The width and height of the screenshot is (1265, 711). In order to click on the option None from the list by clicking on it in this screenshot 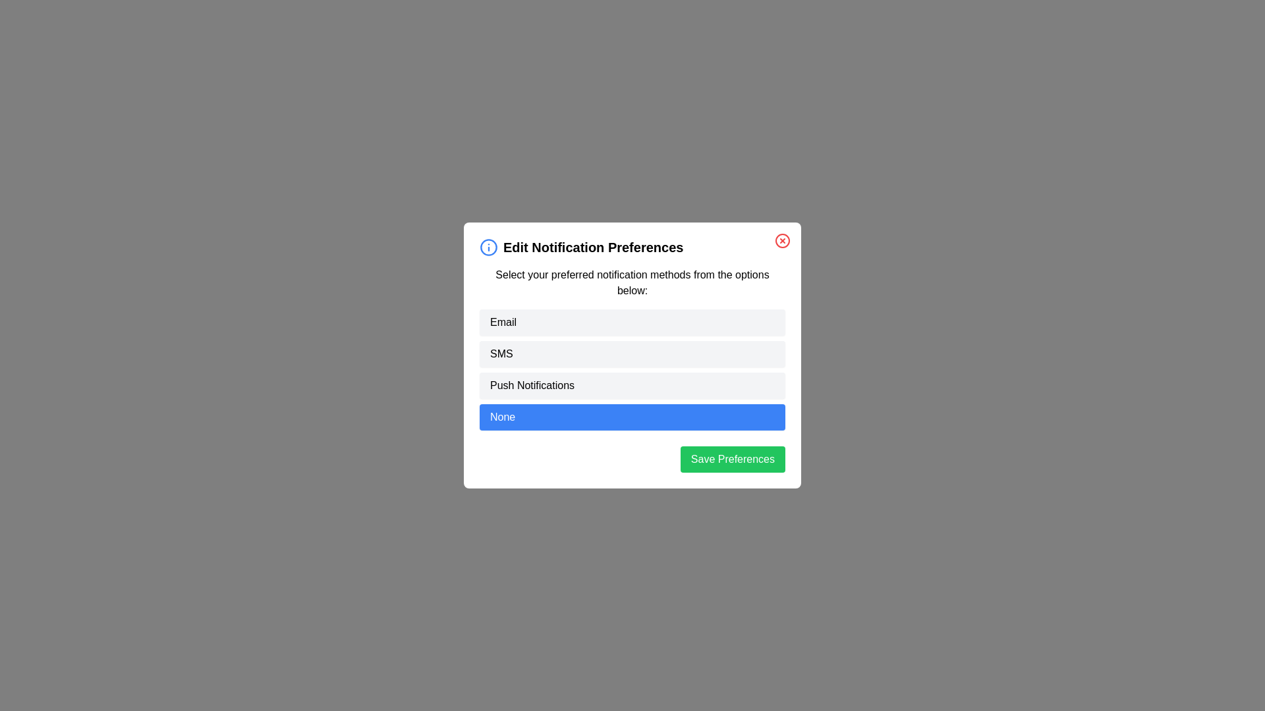, I will do `click(632, 417)`.